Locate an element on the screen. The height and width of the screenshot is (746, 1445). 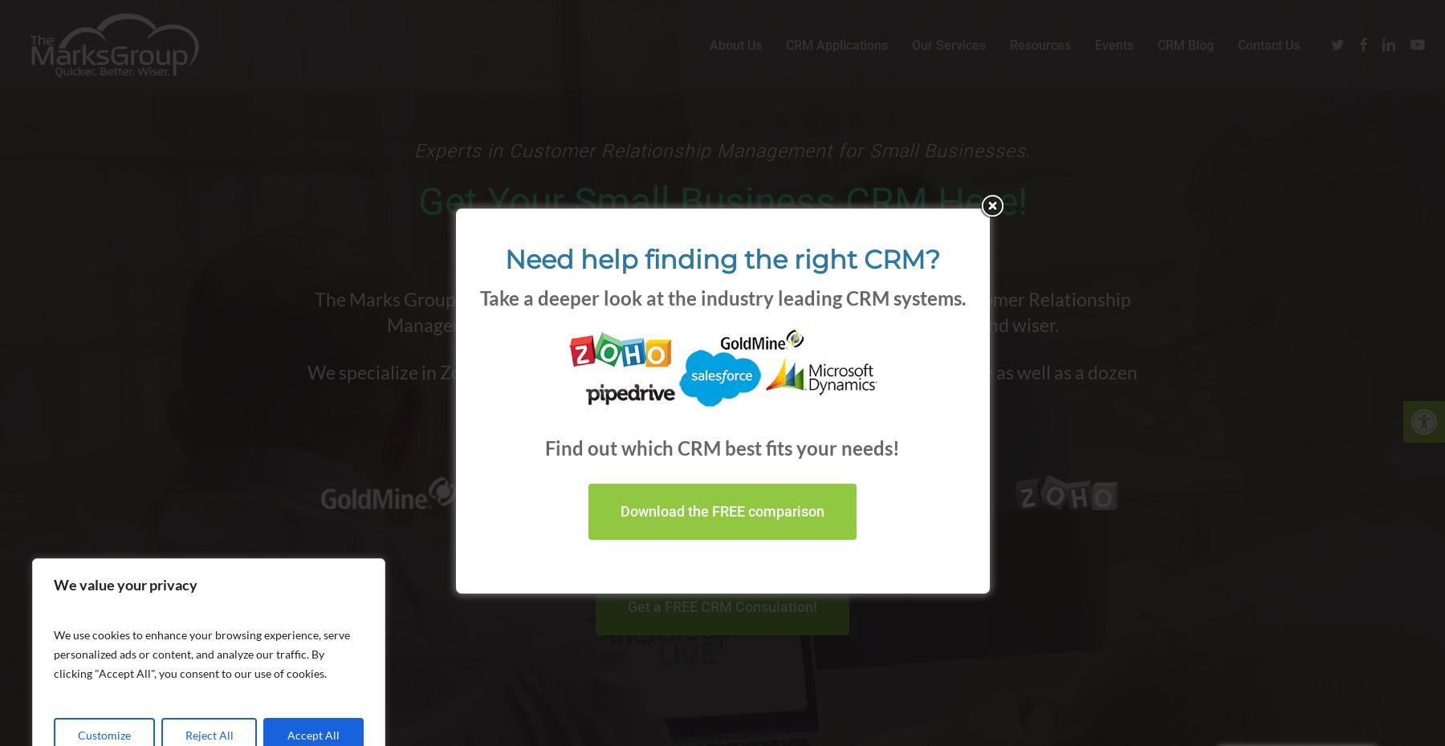
'Reject All' is located at coordinates (207, 735).